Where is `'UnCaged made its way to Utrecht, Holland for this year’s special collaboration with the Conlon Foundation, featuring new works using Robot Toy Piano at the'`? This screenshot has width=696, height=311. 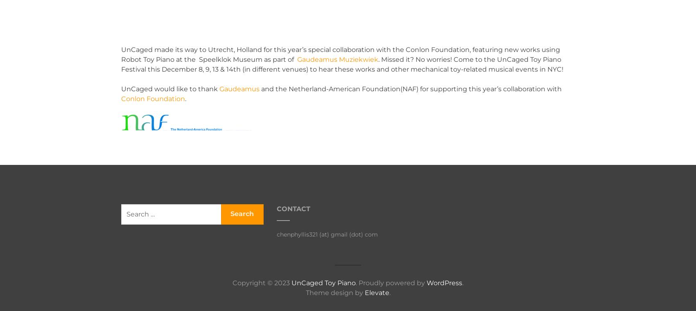 'UnCaged made its way to Utrecht, Holland for this year’s special collaboration with the Conlon Foundation, featuring new works using Robot Toy Piano at the' is located at coordinates (340, 54).